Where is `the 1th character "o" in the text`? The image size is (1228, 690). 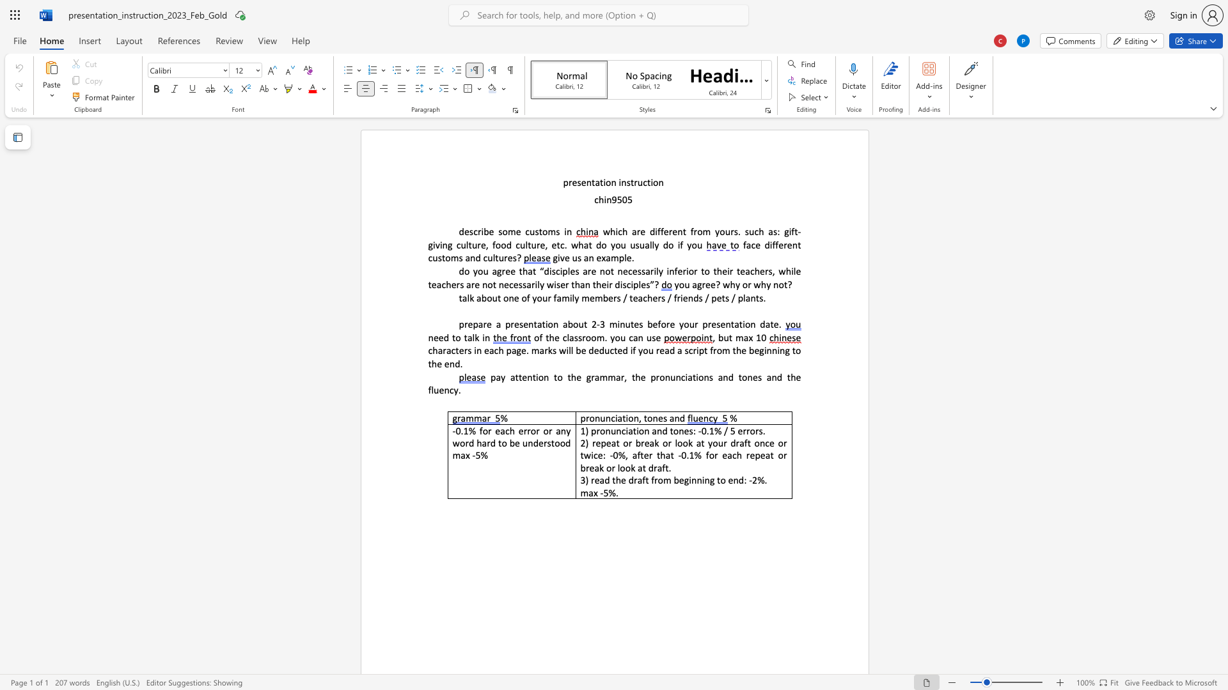
the 1th character "o" in the text is located at coordinates (608, 182).